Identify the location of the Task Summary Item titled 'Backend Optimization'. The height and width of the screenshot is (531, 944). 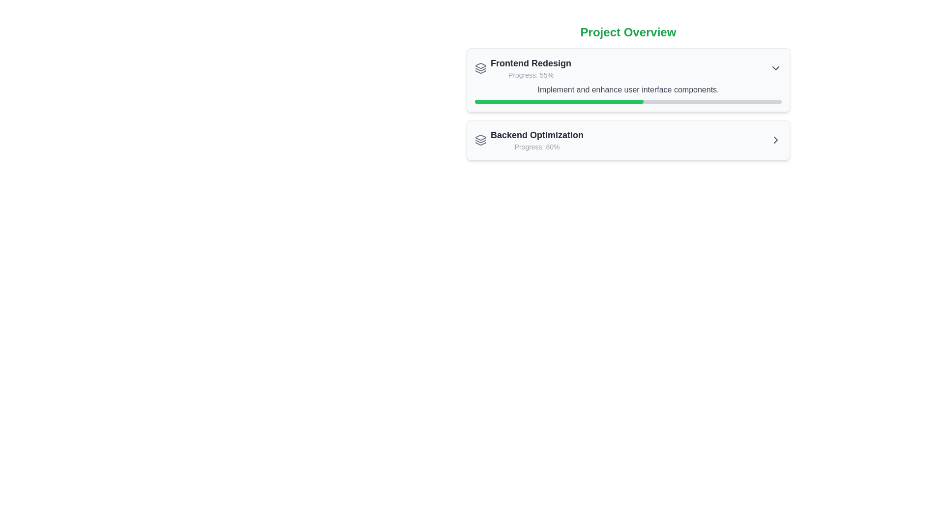
(627, 140).